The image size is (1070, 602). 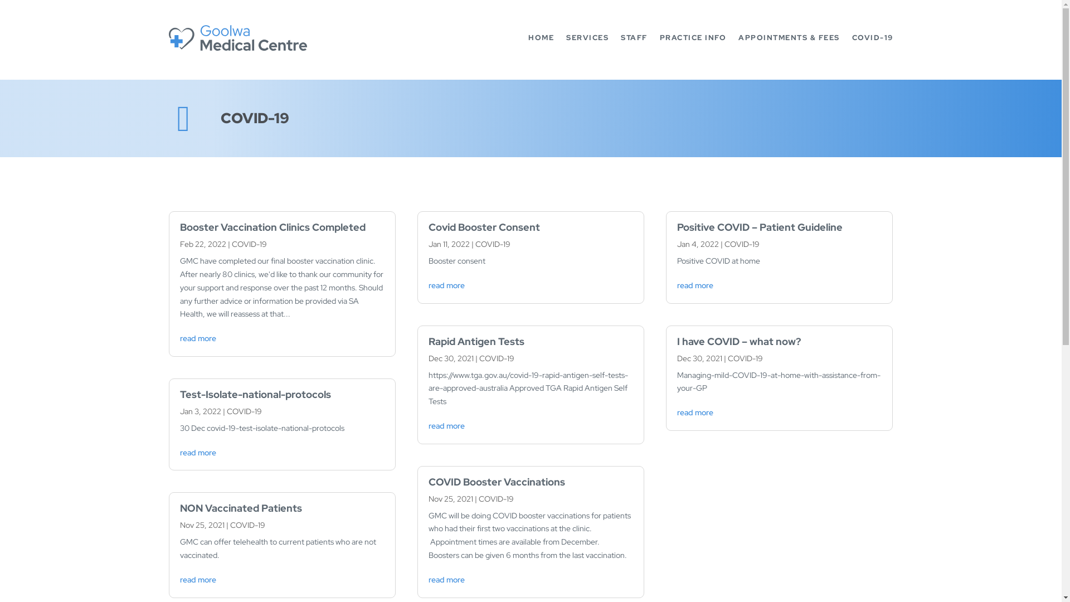 I want to click on 'read more', so click(x=446, y=579).